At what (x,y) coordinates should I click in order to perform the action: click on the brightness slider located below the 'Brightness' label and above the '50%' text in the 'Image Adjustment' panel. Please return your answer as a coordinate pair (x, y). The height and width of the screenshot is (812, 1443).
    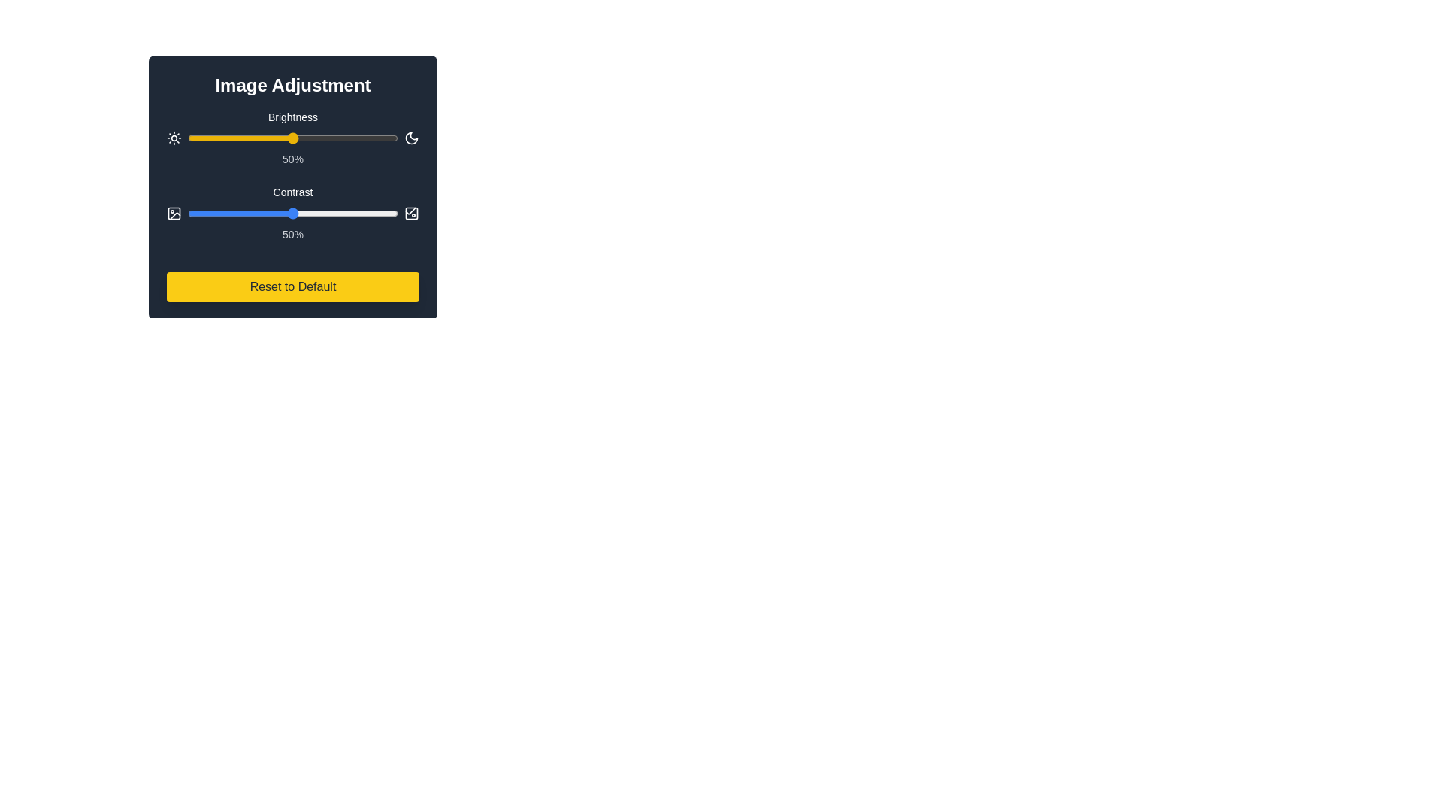
    Looking at the image, I should click on (292, 138).